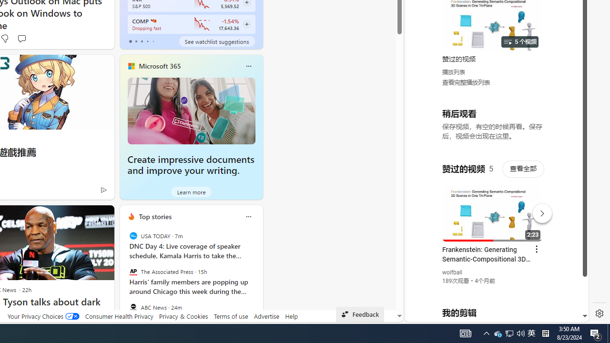 The width and height of the screenshot is (610, 343). What do you see at coordinates (147, 41) in the screenshot?
I see `'tab-3'` at bounding box center [147, 41].